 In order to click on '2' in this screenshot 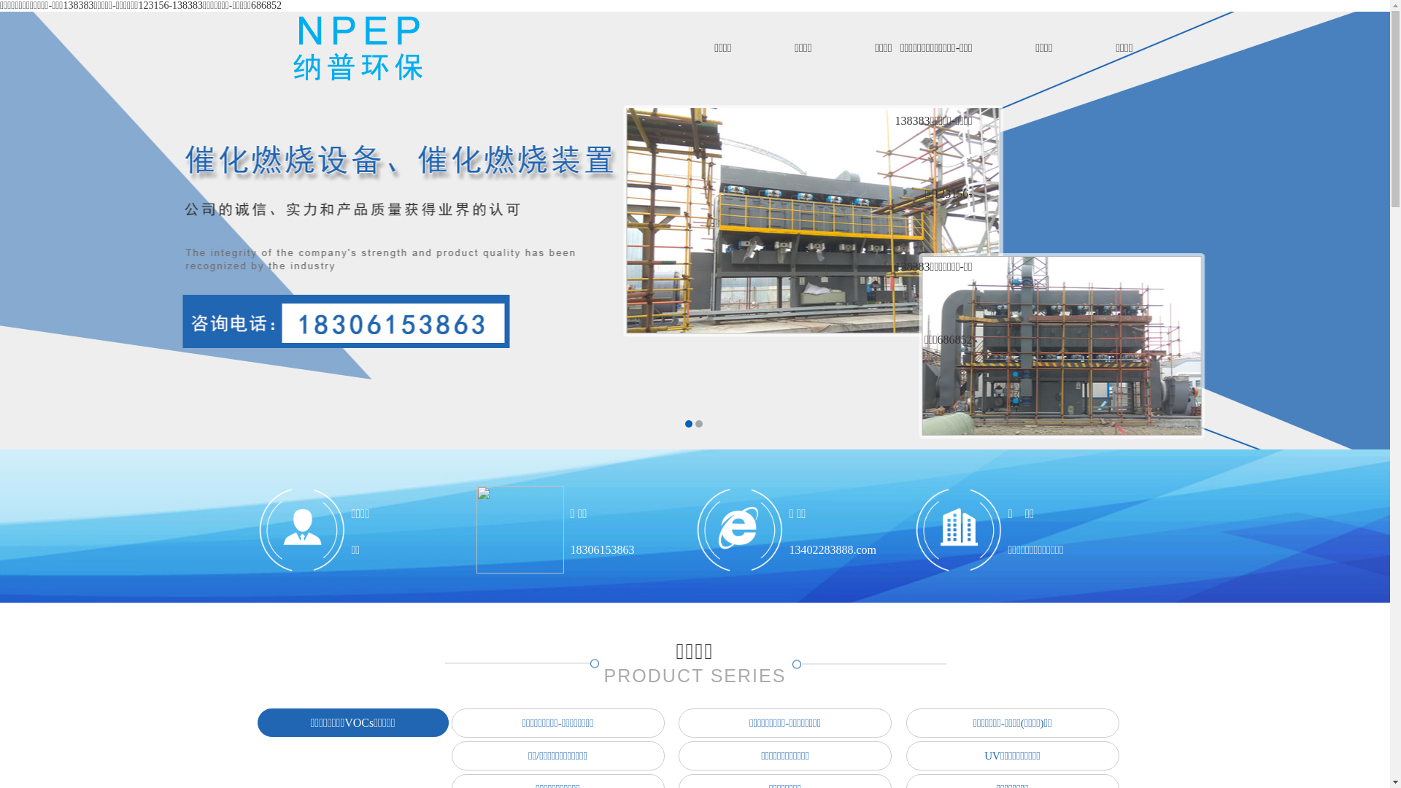, I will do `click(697, 424)`.